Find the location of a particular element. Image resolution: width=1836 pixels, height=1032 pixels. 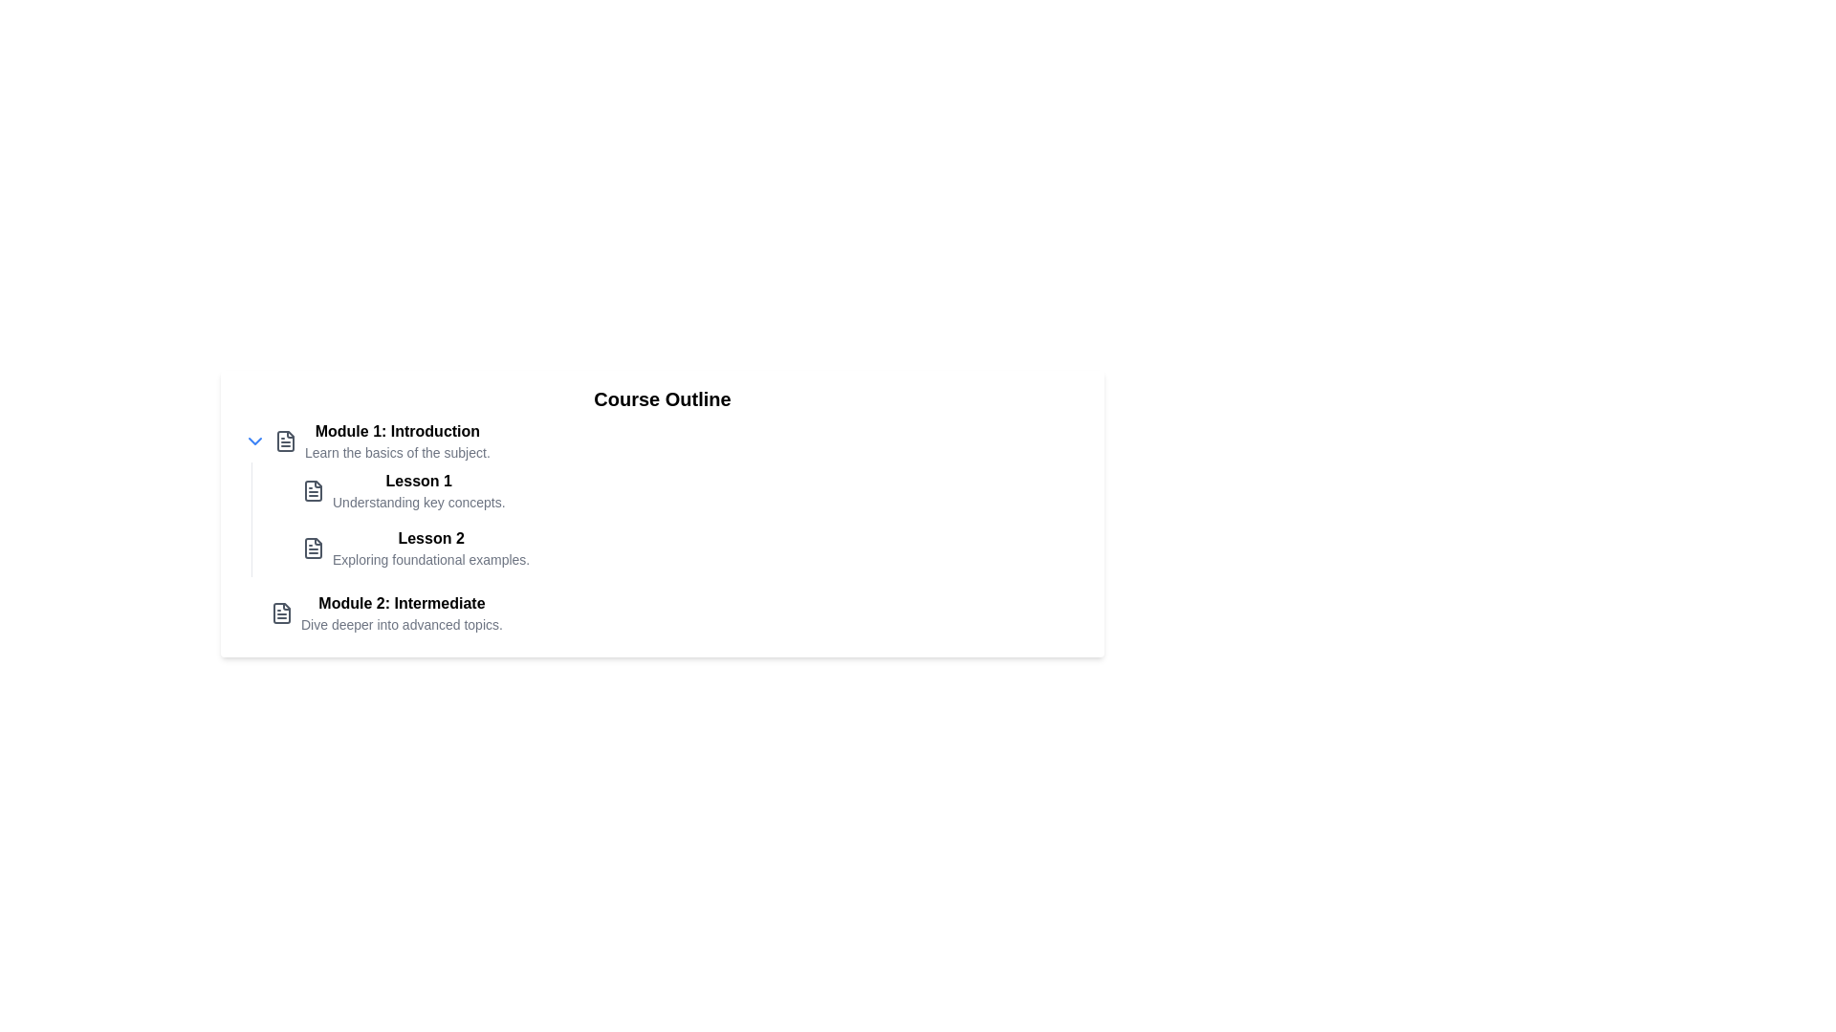

the text label 'Module 1: Introduction' is located at coordinates (396, 431).